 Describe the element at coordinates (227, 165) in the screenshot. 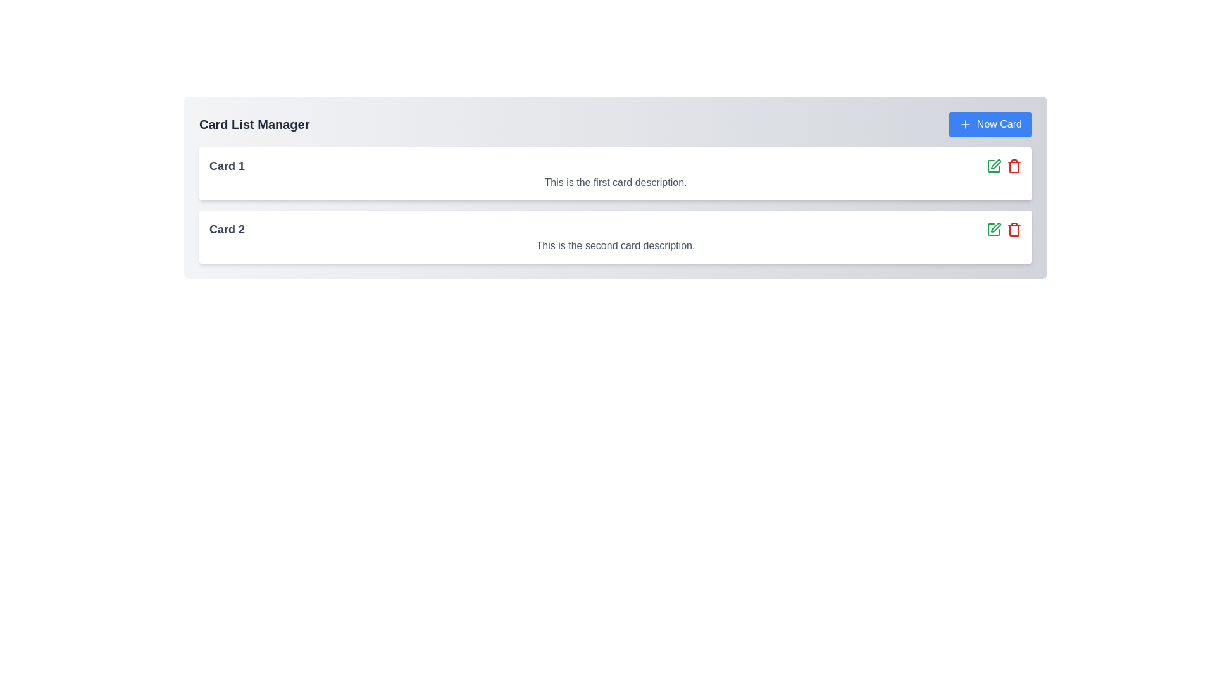

I see `text label located at the top-left area of the first card, which serves as its primary identifier` at that location.